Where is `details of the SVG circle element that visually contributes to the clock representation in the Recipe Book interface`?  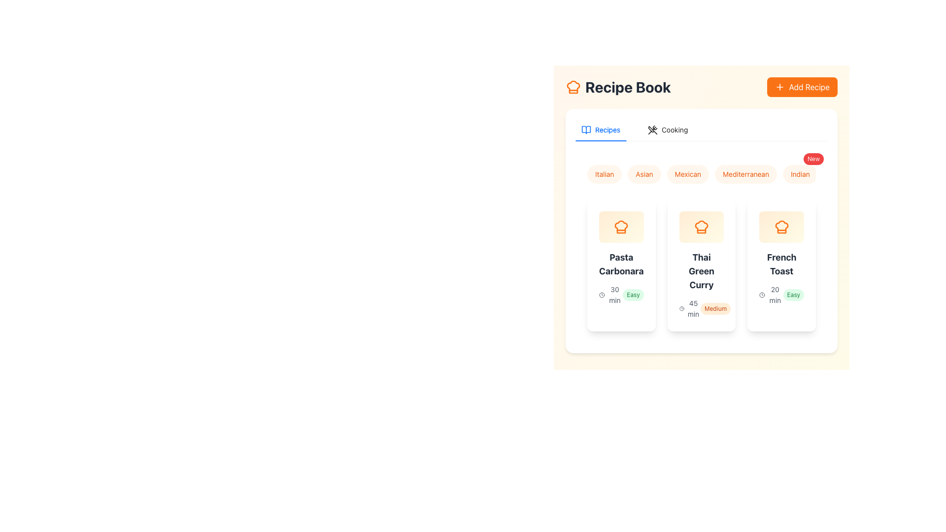
details of the SVG circle element that visually contributes to the clock representation in the Recipe Book interface is located at coordinates (762, 294).